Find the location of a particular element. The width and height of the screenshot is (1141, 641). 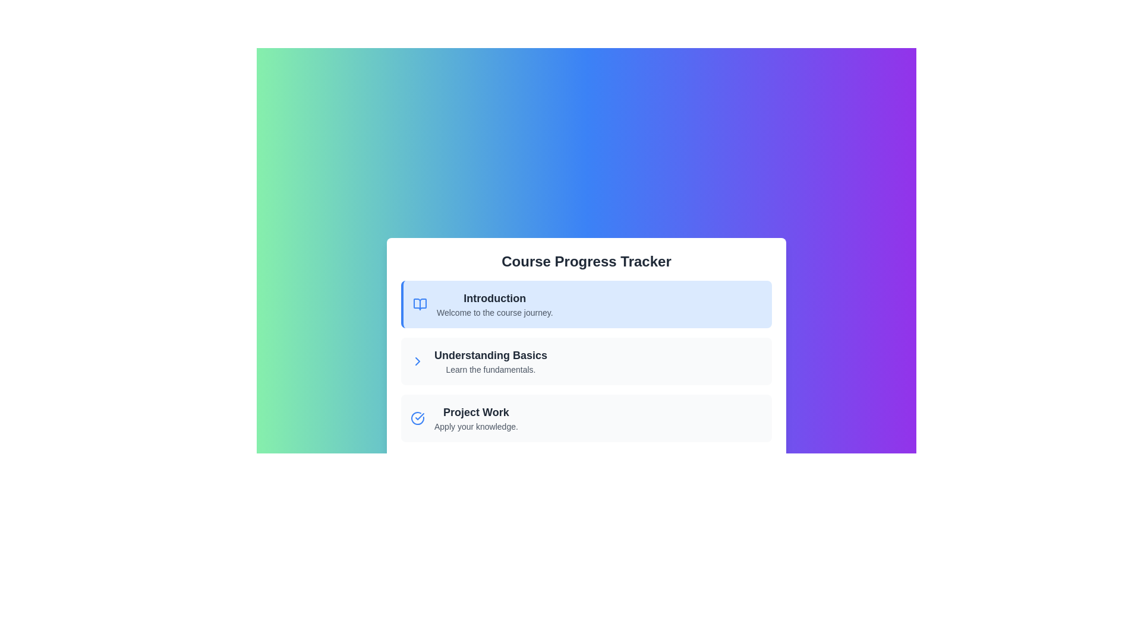

the second list item titled 'Understanding Basics' located under the 'Course Progress Tracker' header for accessibility purposes is located at coordinates (490, 361).